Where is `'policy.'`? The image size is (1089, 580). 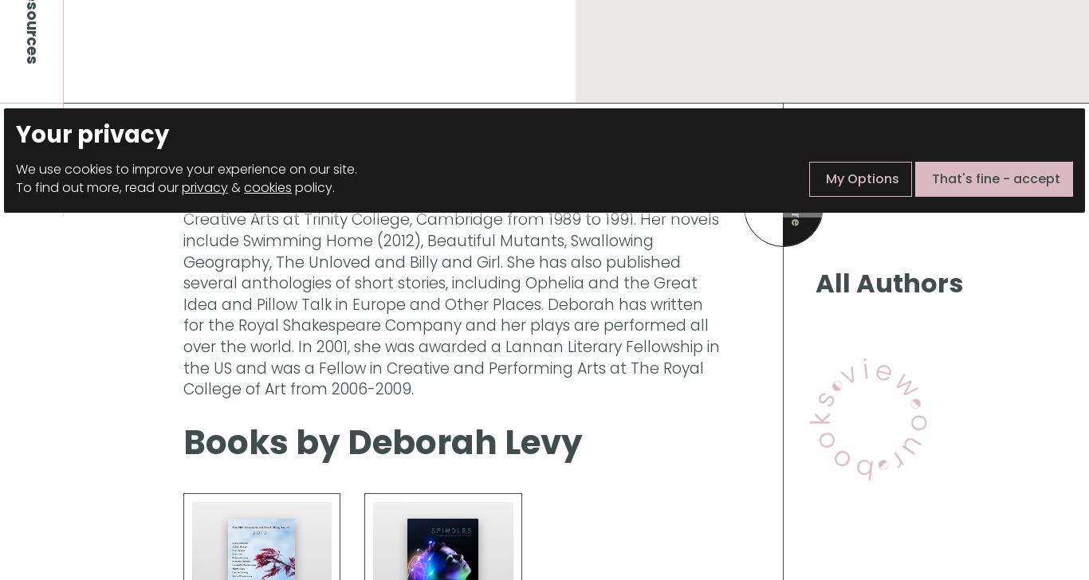 'policy.' is located at coordinates (312, 186).